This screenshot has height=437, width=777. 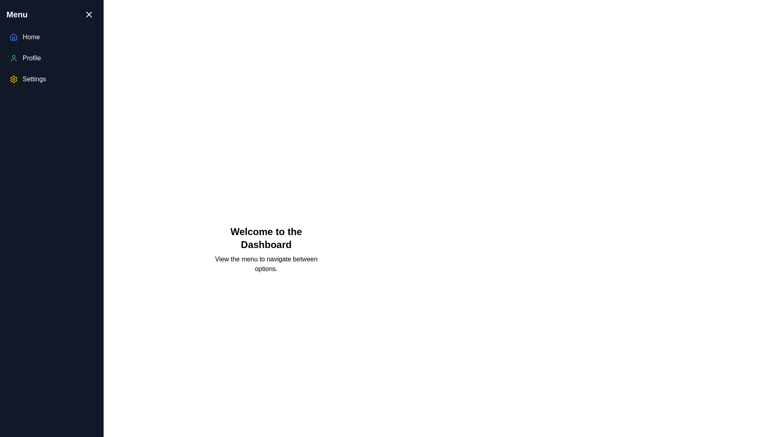 What do you see at coordinates (13, 37) in the screenshot?
I see `the 'Home' icon, which is a roof-like triangular shape located at the top of the sidebar menu` at bounding box center [13, 37].